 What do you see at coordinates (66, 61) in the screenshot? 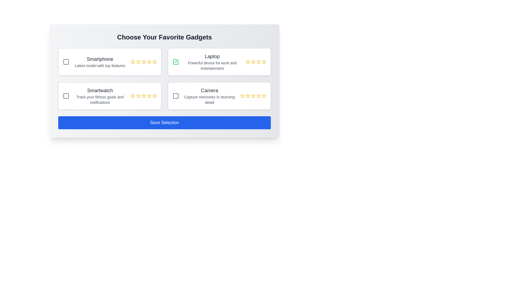
I see `the checkbox located in the first row and first column of the grid layout` at bounding box center [66, 61].